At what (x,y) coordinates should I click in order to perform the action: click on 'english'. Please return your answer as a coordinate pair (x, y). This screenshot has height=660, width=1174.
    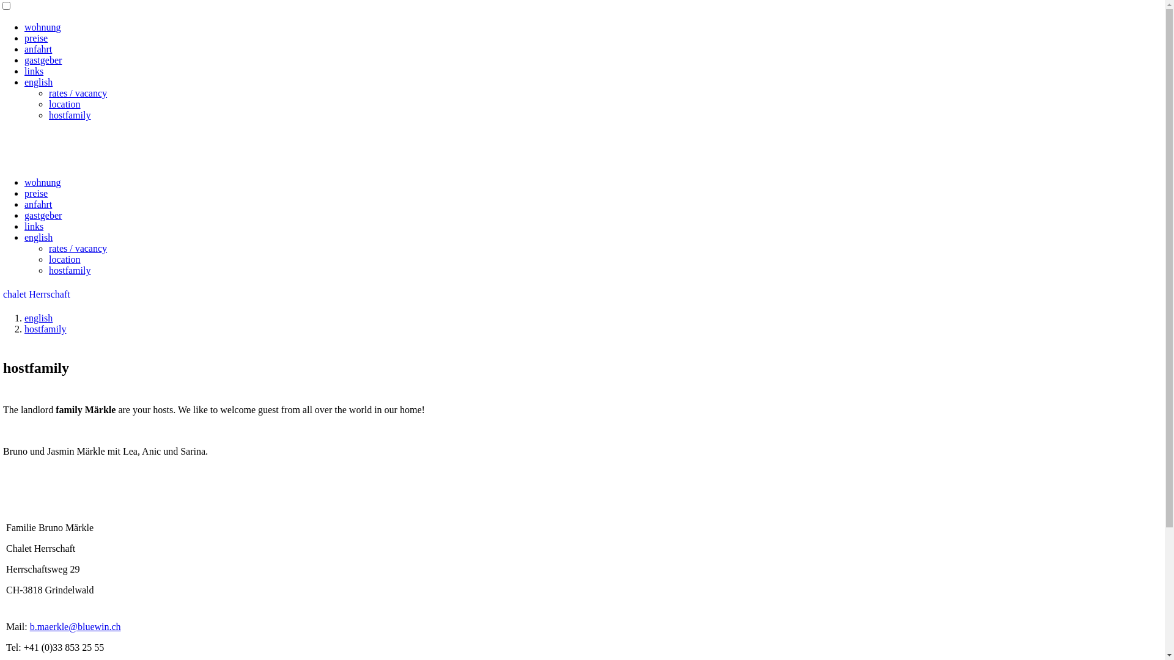
    Looking at the image, I should click on (38, 82).